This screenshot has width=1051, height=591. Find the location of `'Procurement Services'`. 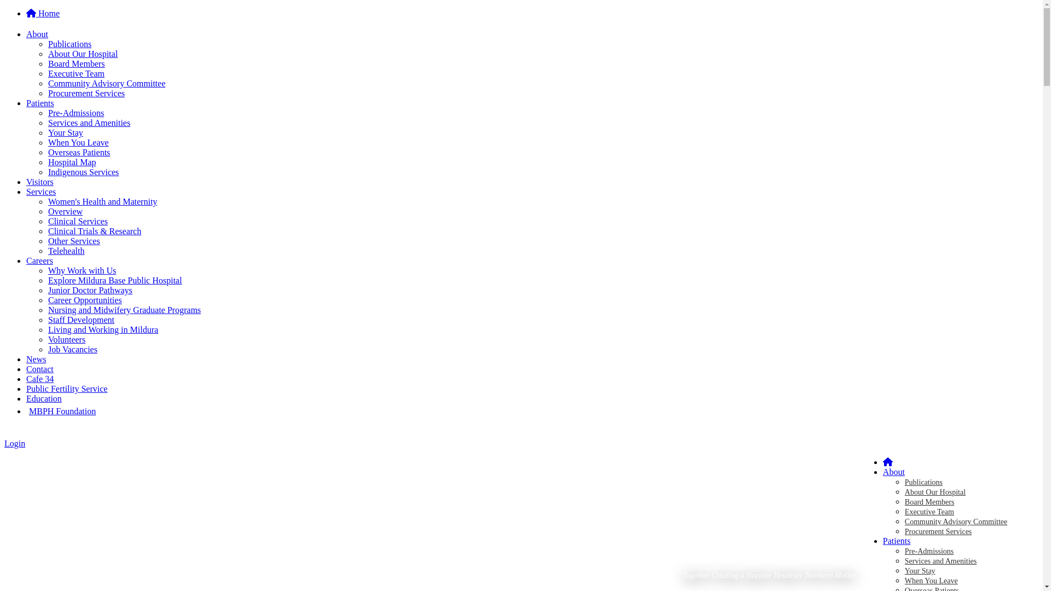

'Procurement Services' is located at coordinates (86, 92).